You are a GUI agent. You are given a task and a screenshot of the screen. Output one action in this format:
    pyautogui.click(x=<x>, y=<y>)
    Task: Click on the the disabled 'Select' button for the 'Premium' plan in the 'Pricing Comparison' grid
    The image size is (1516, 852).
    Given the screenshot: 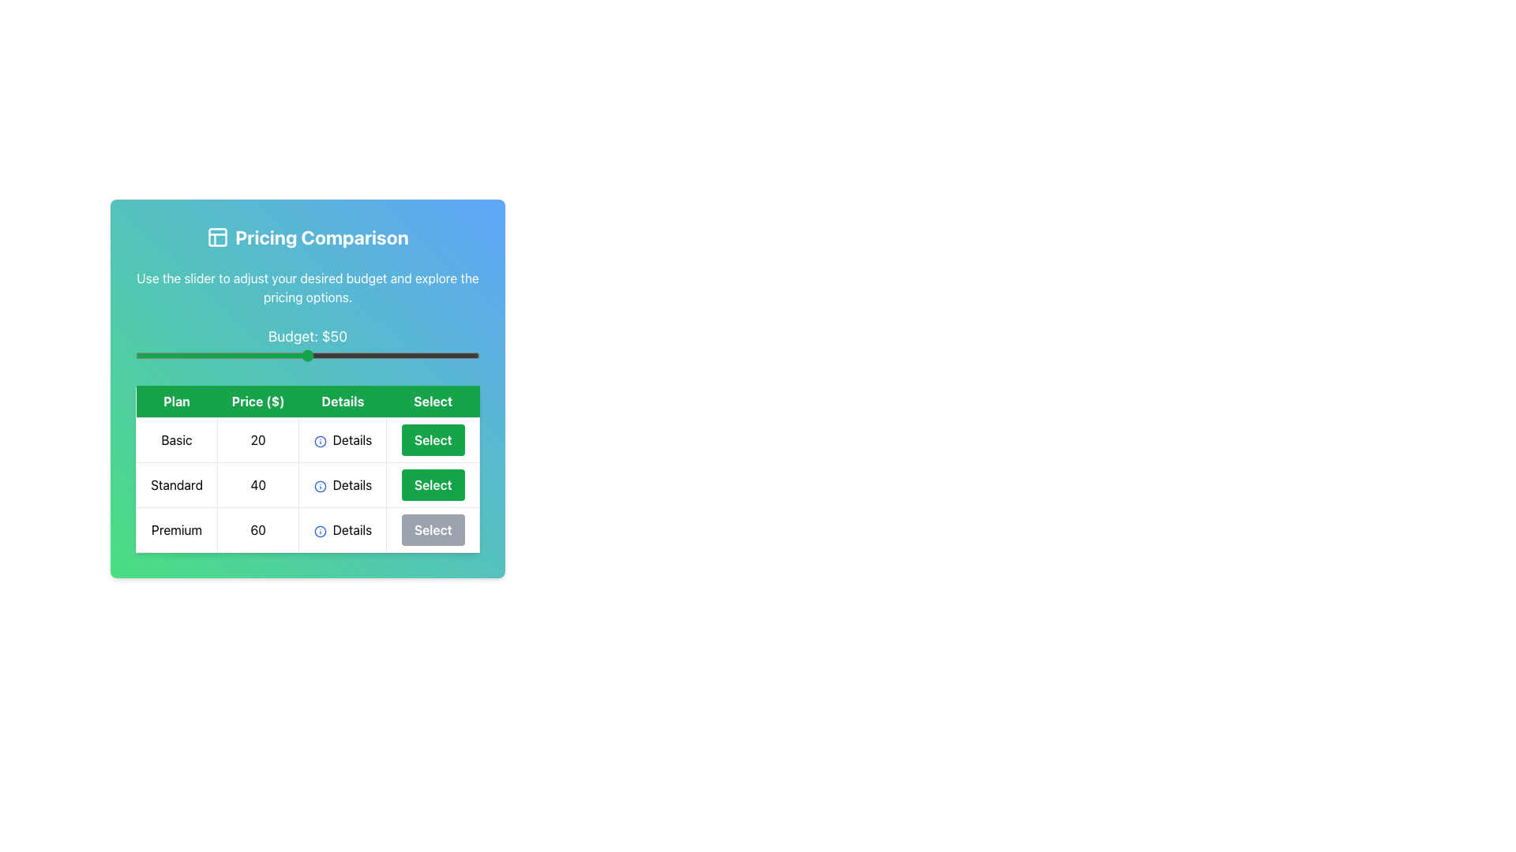 What is the action you would take?
    pyautogui.click(x=433, y=529)
    